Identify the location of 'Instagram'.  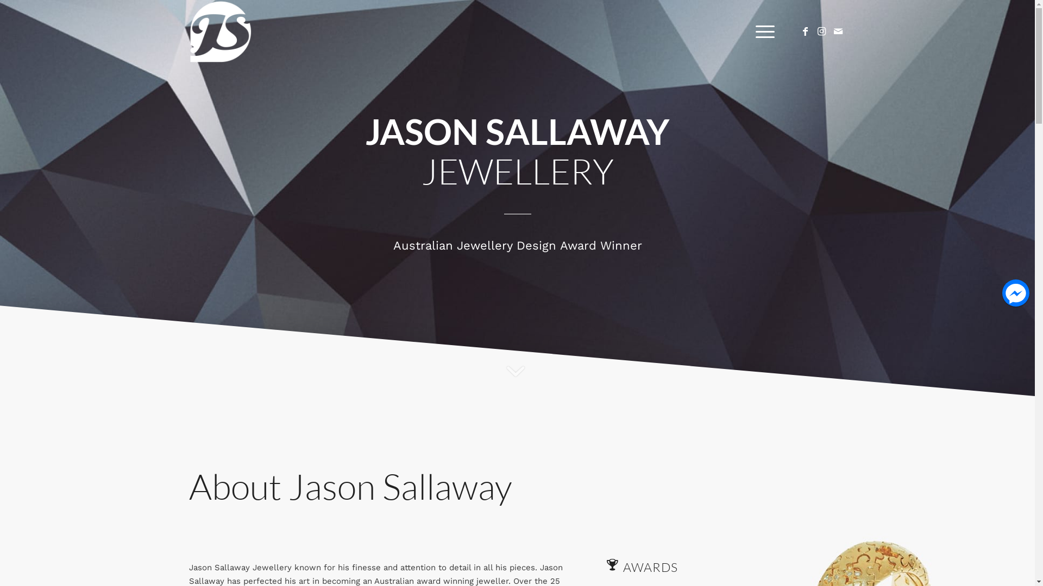
(821, 30).